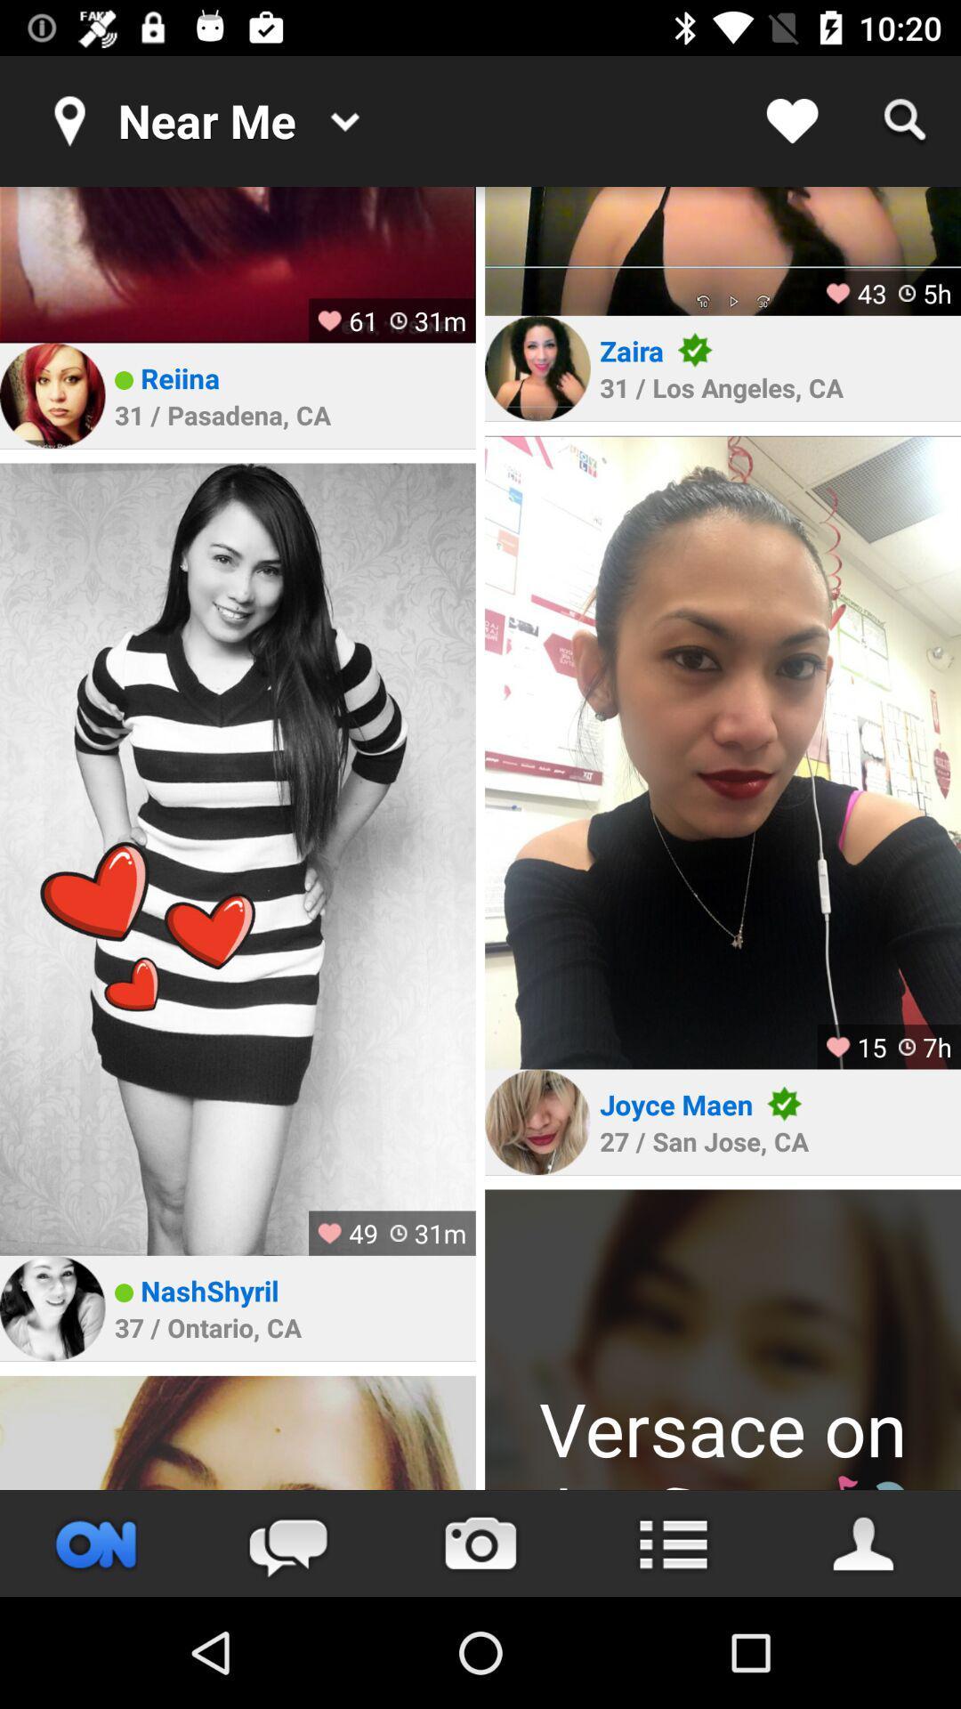 This screenshot has width=961, height=1709. I want to click on click on the imagine option, so click(723, 250).